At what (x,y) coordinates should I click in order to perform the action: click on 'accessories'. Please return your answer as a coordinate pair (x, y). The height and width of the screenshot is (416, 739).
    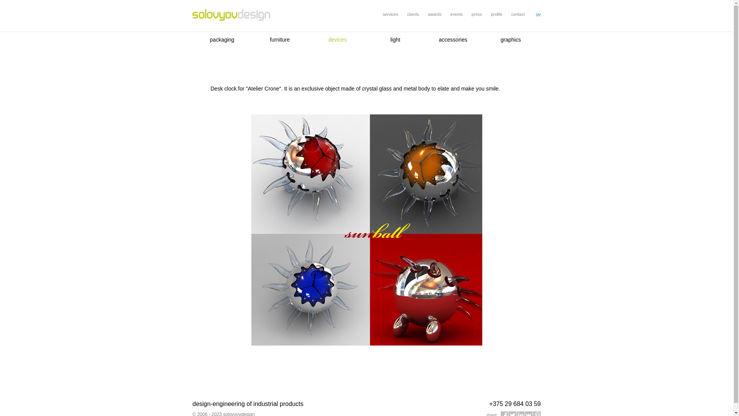
    Looking at the image, I should click on (453, 40).